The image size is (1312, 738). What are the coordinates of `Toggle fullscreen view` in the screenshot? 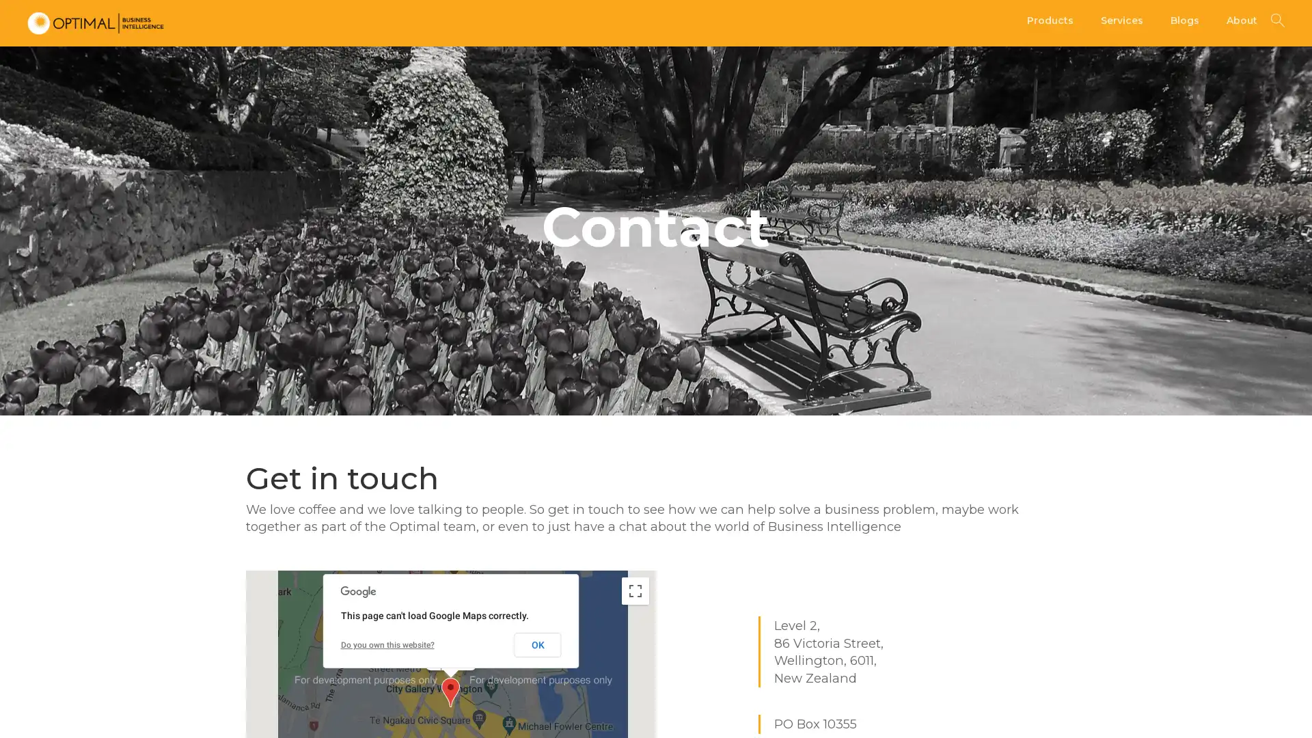 It's located at (635, 590).